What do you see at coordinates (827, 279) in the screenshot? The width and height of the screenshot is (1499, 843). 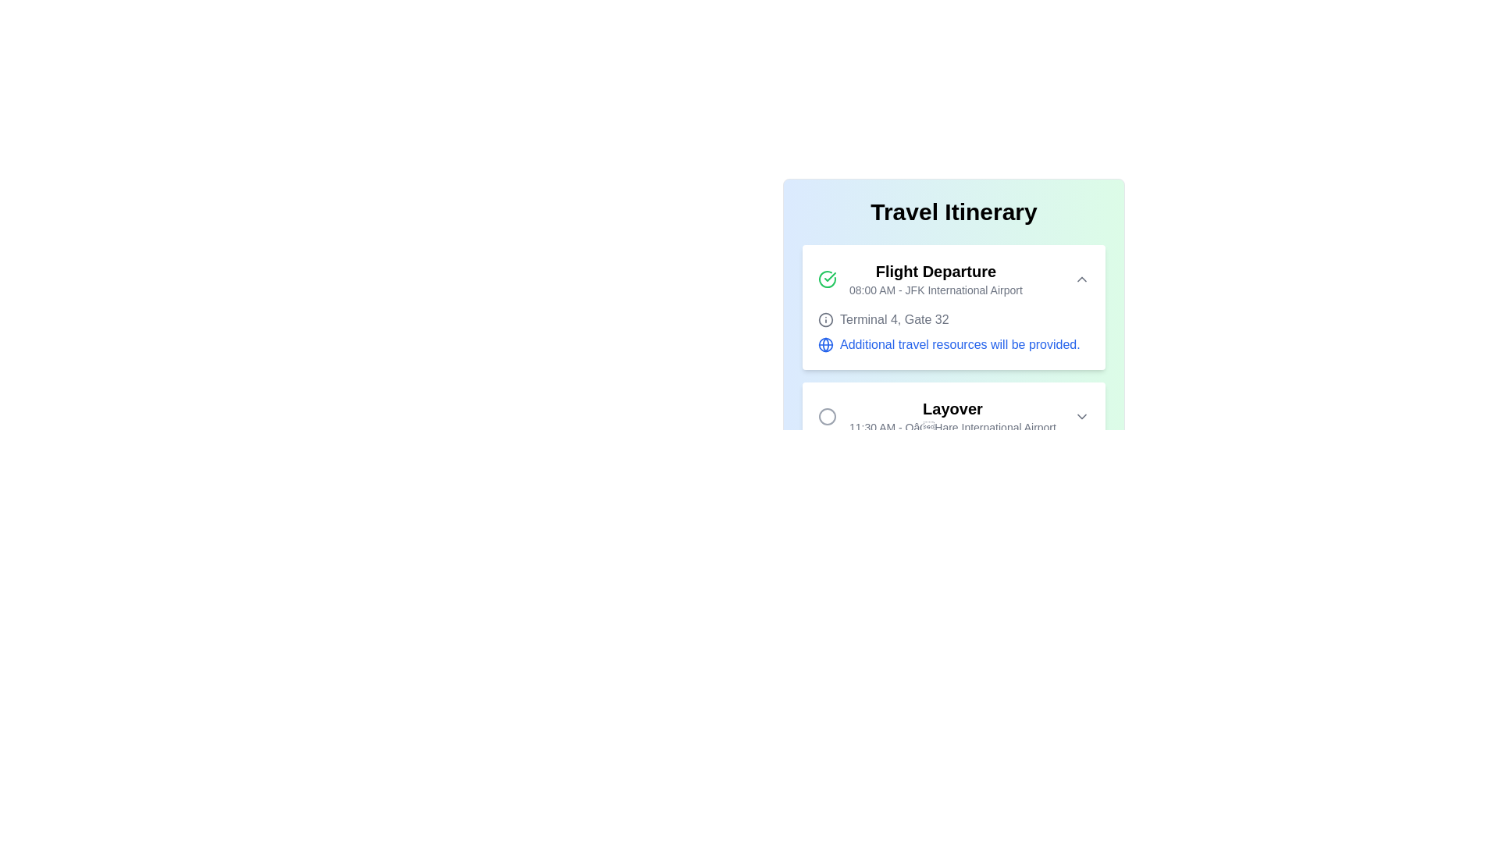 I see `the status indicator icon located in the top-left corner of the 'Flight Departure' card, which represents confirmation or completion related to flight departure information` at bounding box center [827, 279].